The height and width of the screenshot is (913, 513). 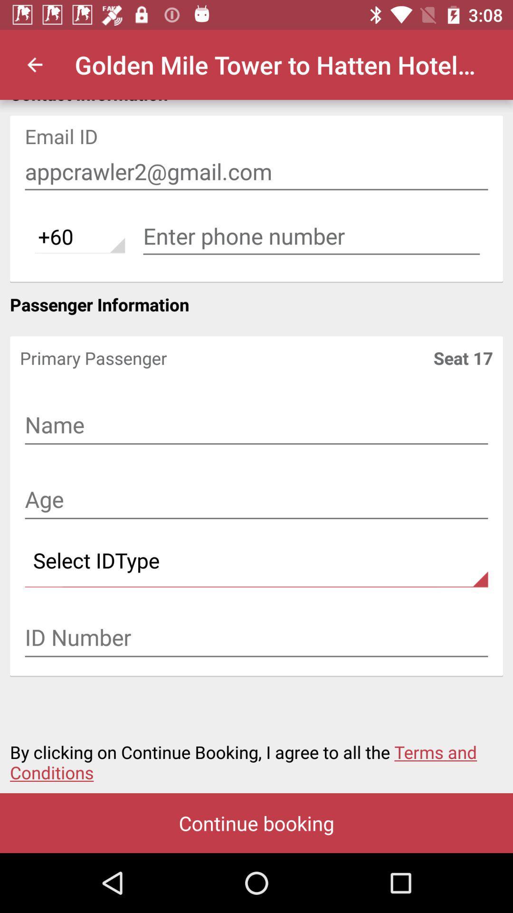 I want to click on icon to the left of golden mile tower item, so click(x=34, y=64).